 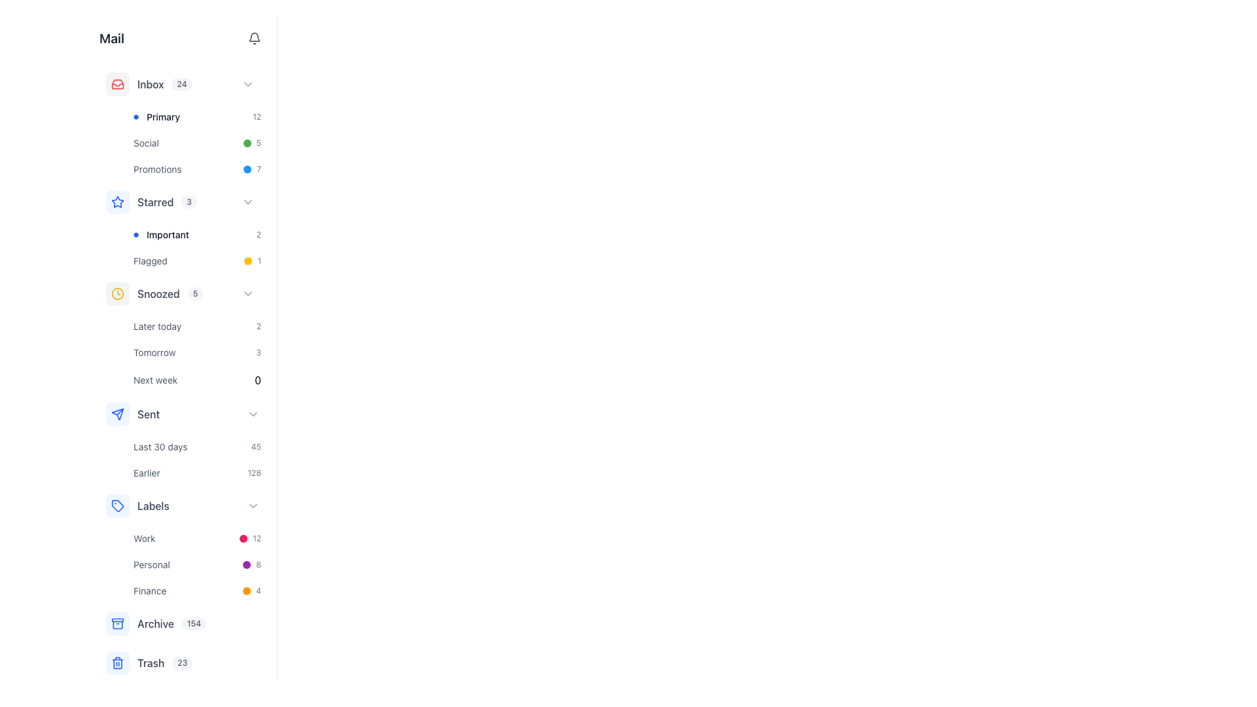 I want to click on the 'Promotions' text label located in the left vertical navigation bar, which helps users identify promotional emails, so click(x=157, y=168).